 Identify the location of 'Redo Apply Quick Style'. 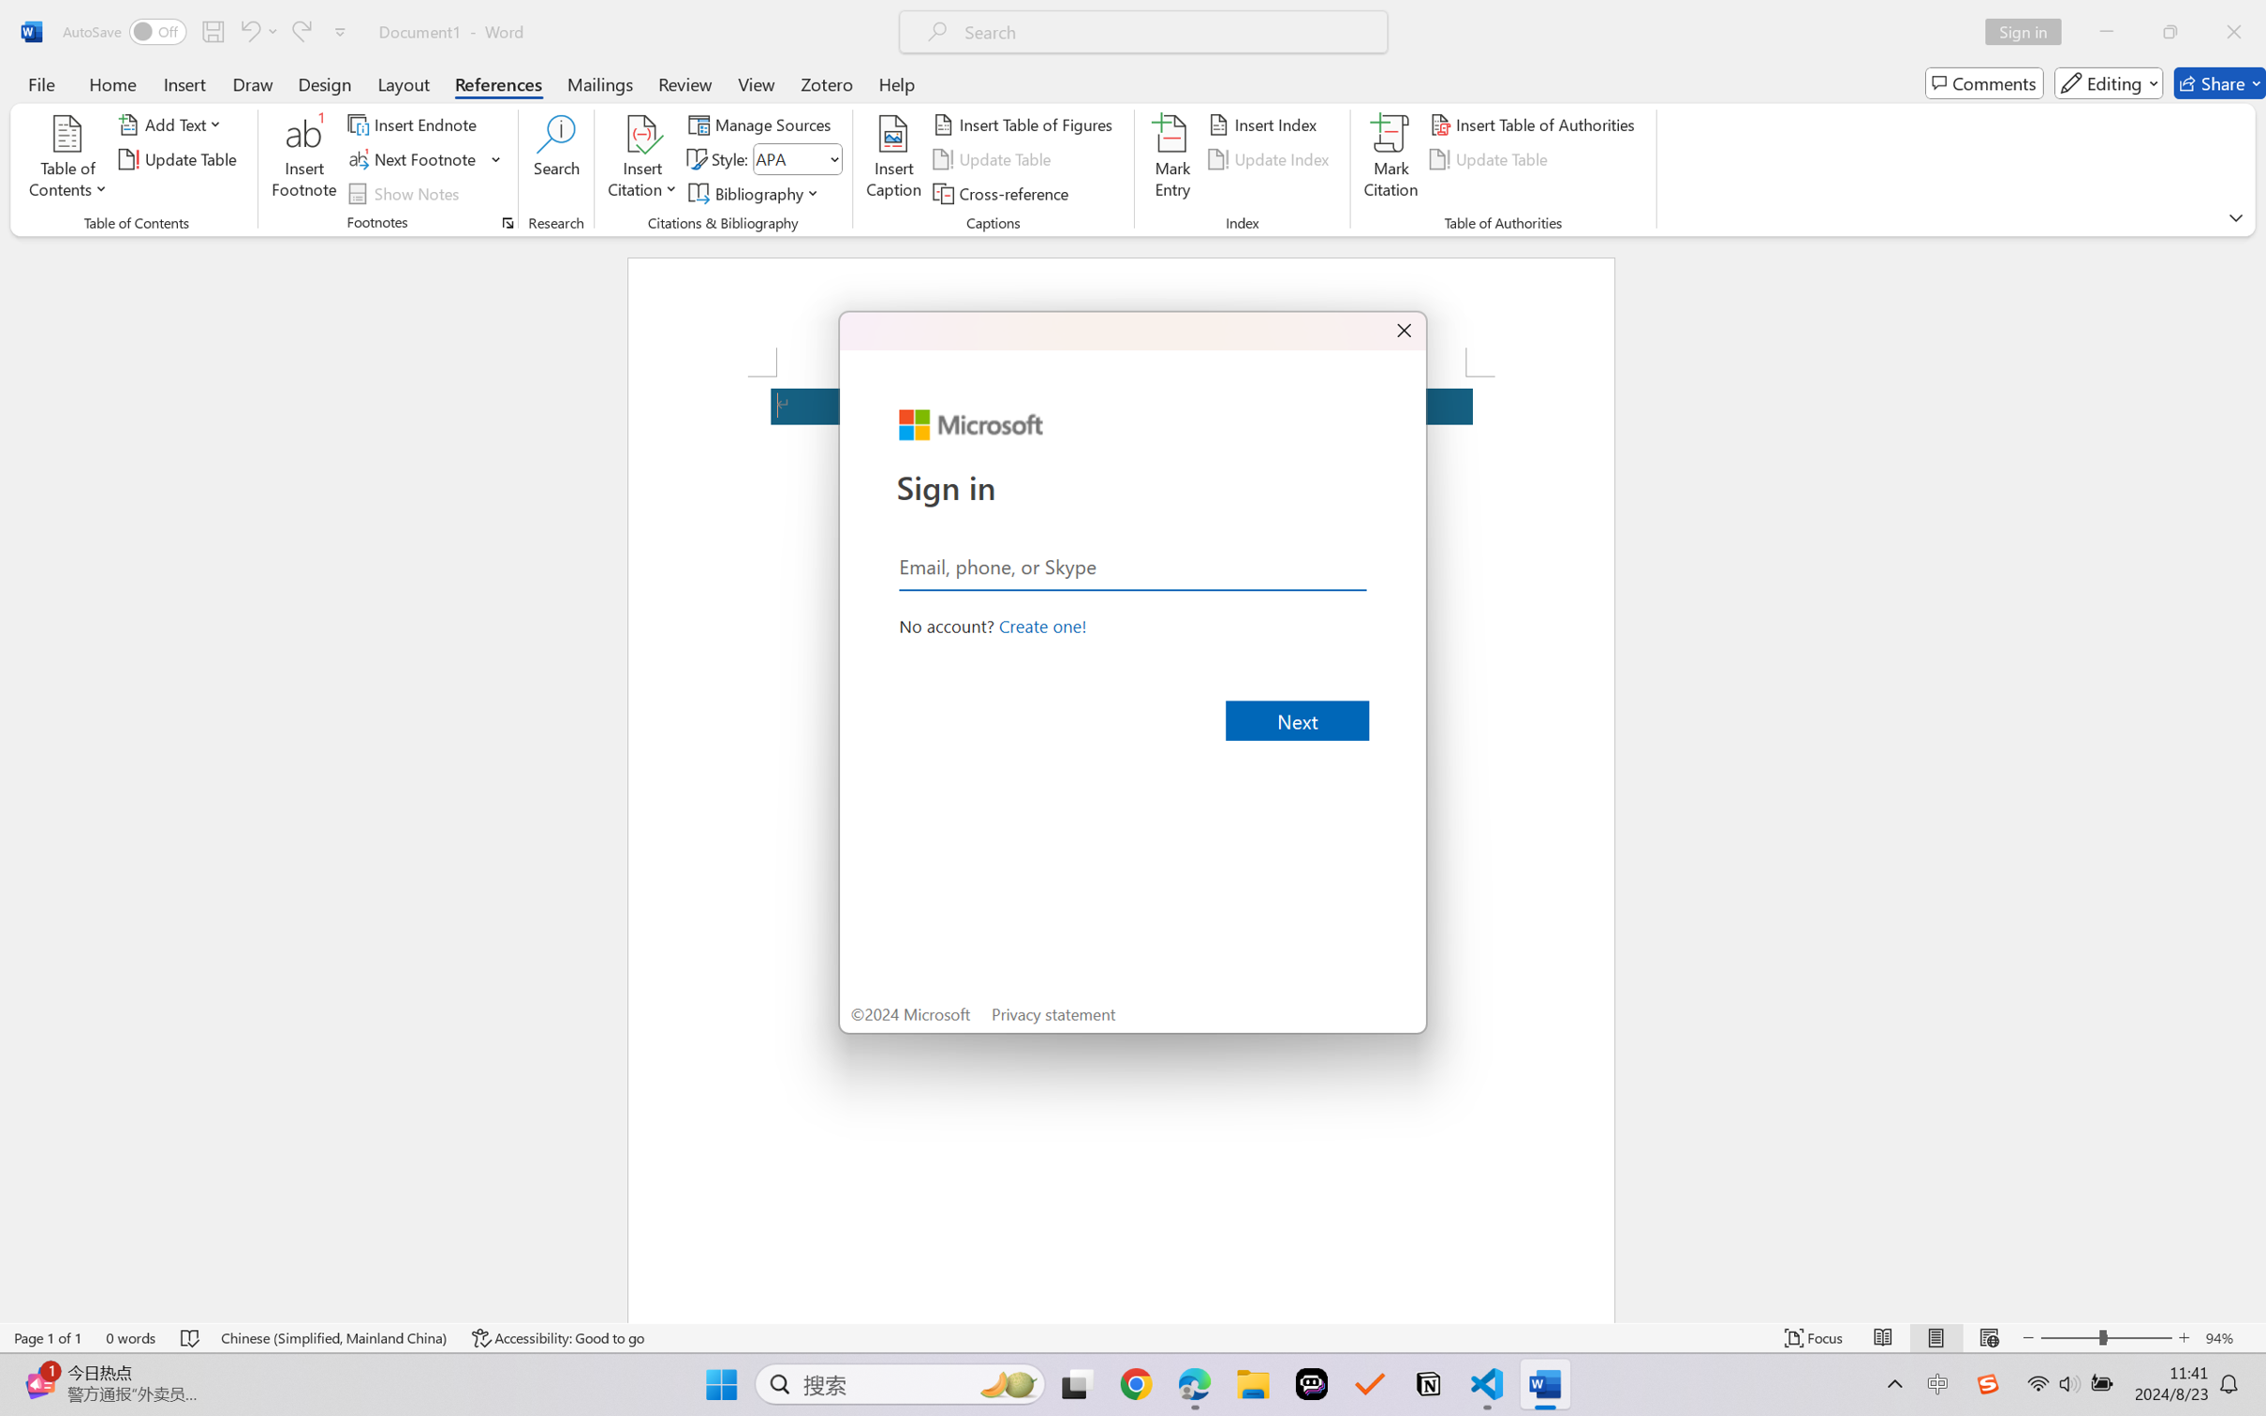
(300, 31).